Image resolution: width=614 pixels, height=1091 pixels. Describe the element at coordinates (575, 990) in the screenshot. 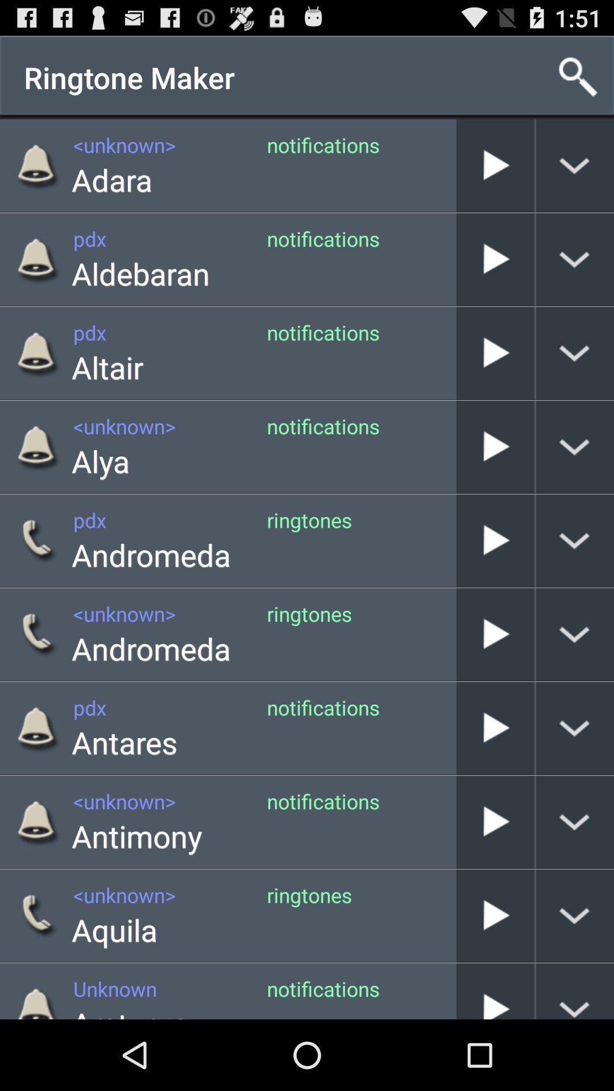

I see `more information and options` at that location.